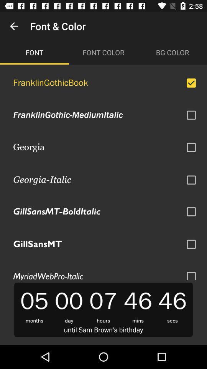  Describe the element at coordinates (172, 52) in the screenshot. I see `the bg color item` at that location.